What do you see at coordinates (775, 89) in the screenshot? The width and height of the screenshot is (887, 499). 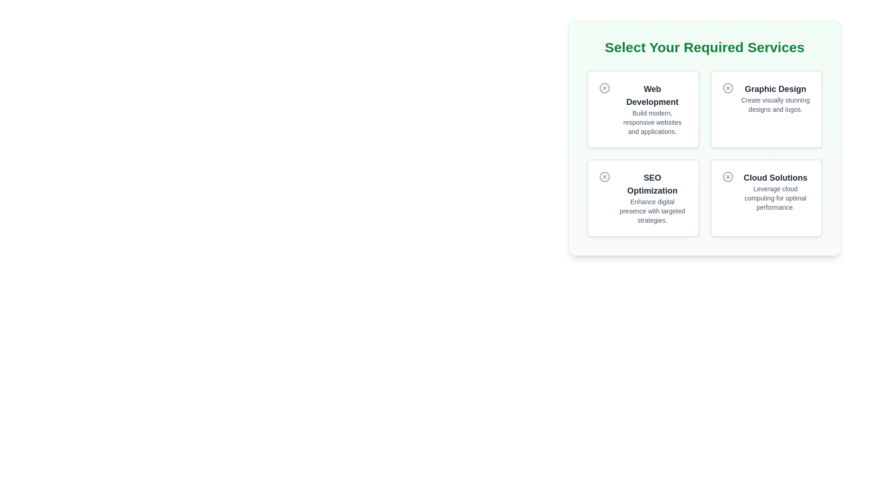 I see `the title text element located in the second card of the top row in the grid layout, which conveys the primary focus of the respective service offering` at bounding box center [775, 89].